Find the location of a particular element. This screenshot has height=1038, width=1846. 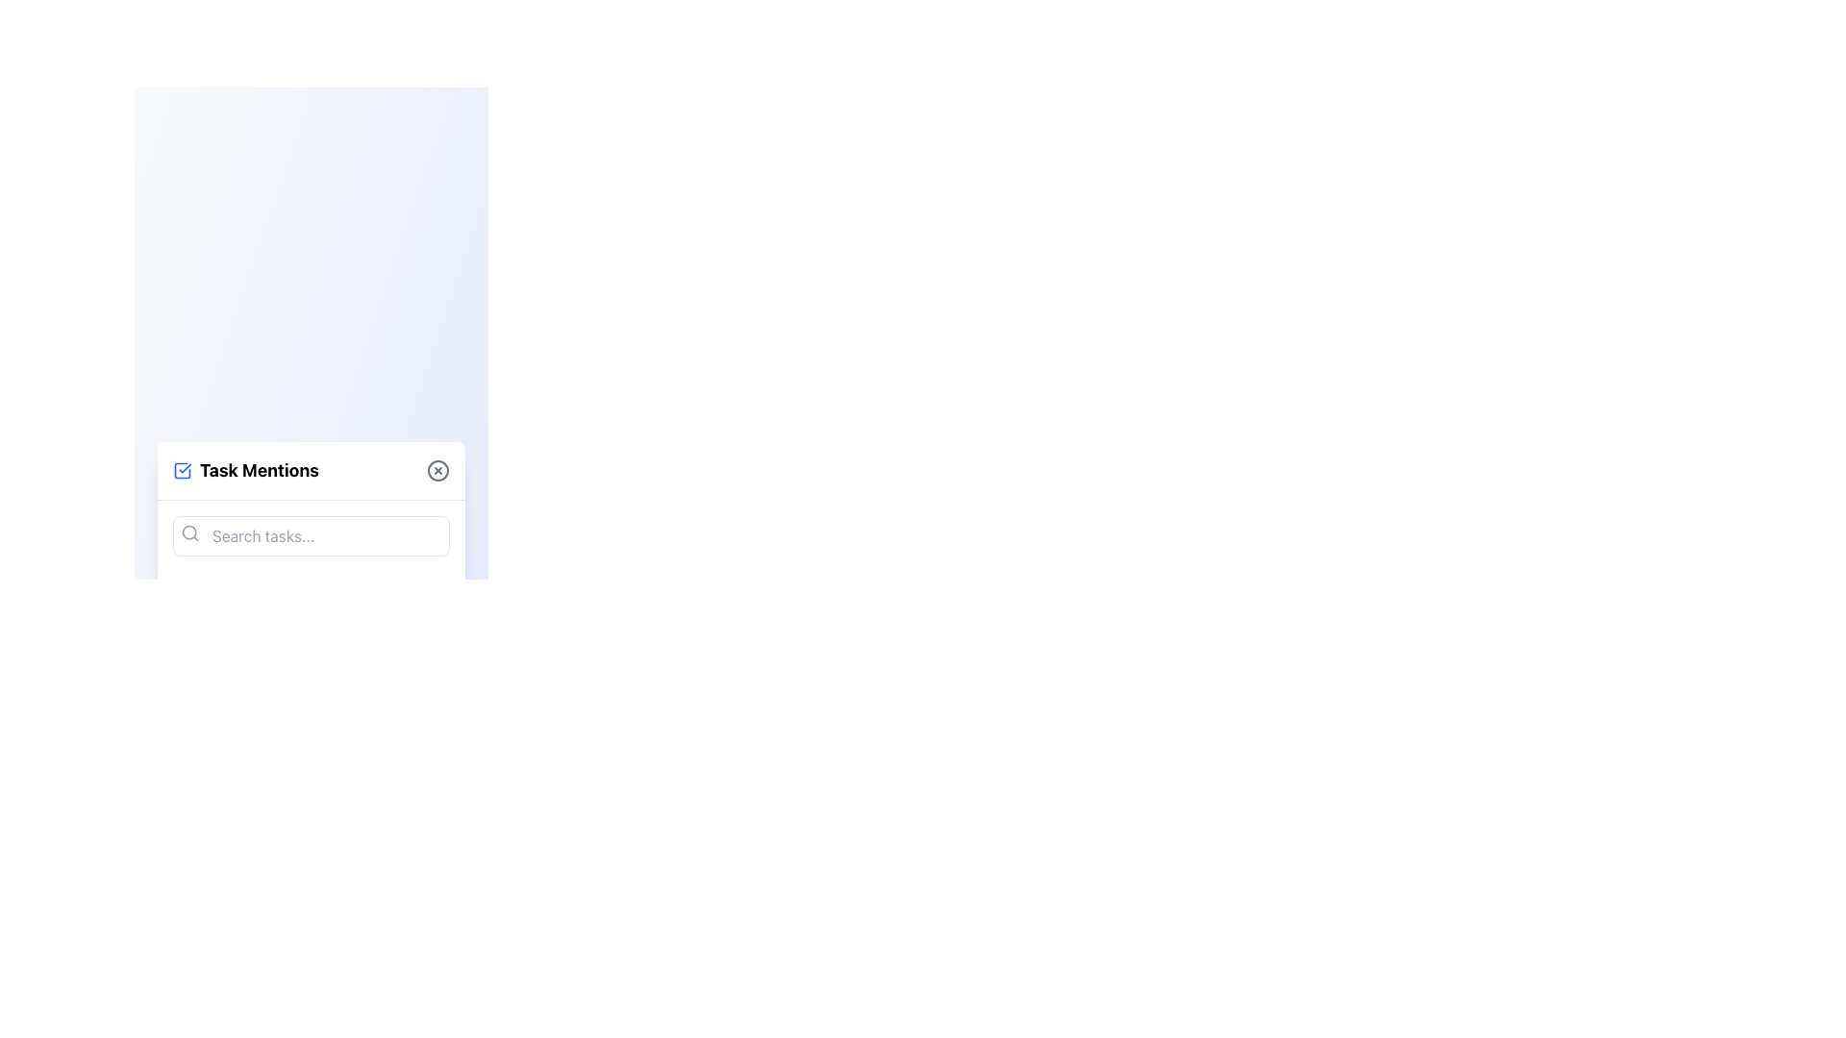

the button resembling a circle with an 'X' inside, located in the upper-right corner of the 'Task Mentions' box is located at coordinates (437, 470).